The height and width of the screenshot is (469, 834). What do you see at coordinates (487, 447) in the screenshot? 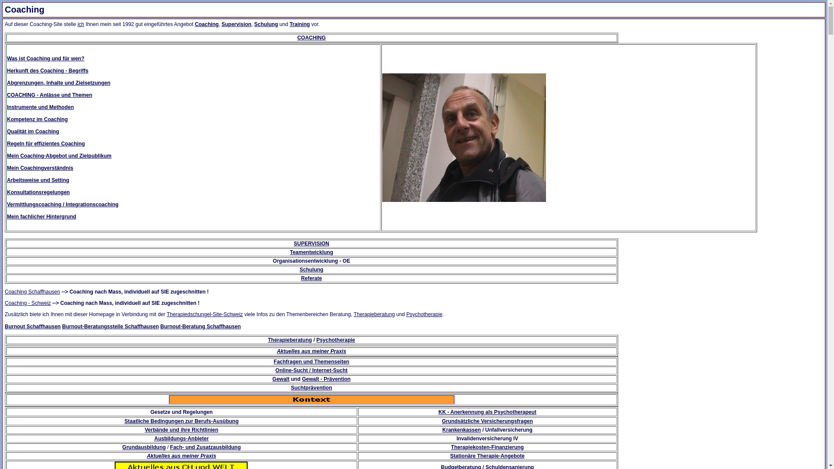
I see `'Therapiekosten-Finanzierung'` at bounding box center [487, 447].